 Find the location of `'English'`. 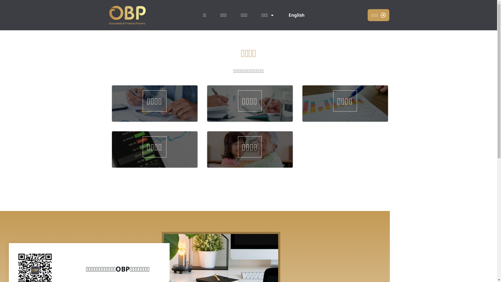

'English' is located at coordinates (288, 15).